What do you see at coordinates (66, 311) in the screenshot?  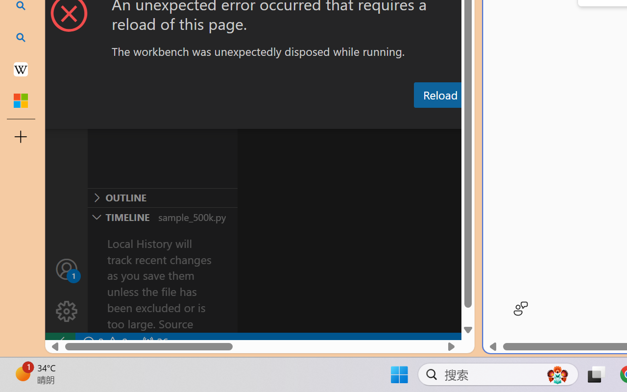 I see `'Manage'` at bounding box center [66, 311].